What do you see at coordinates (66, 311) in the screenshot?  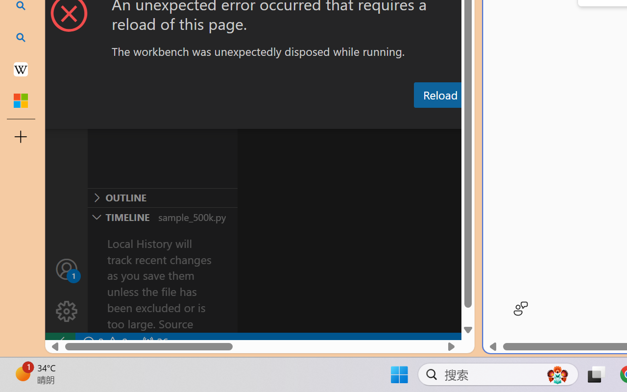 I see `'Manage'` at bounding box center [66, 311].